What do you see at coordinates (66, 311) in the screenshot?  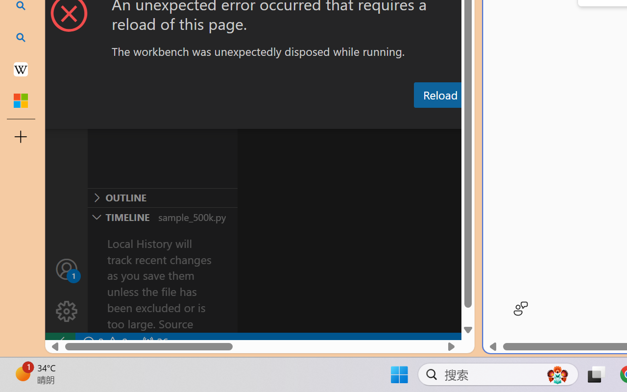 I see `'Manage'` at bounding box center [66, 311].